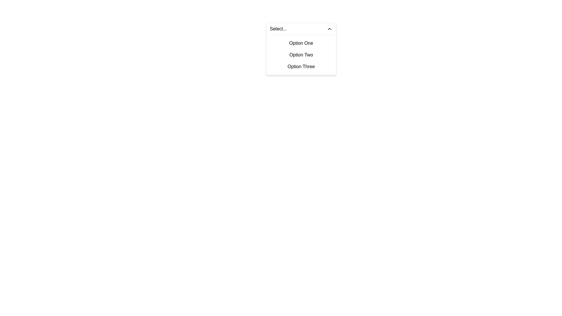  What do you see at coordinates (278, 29) in the screenshot?
I see `displayed text from the static label indicating the currently selected value in the dropdown menu, which shows 'Select...' to the left of the chevron icon` at bounding box center [278, 29].